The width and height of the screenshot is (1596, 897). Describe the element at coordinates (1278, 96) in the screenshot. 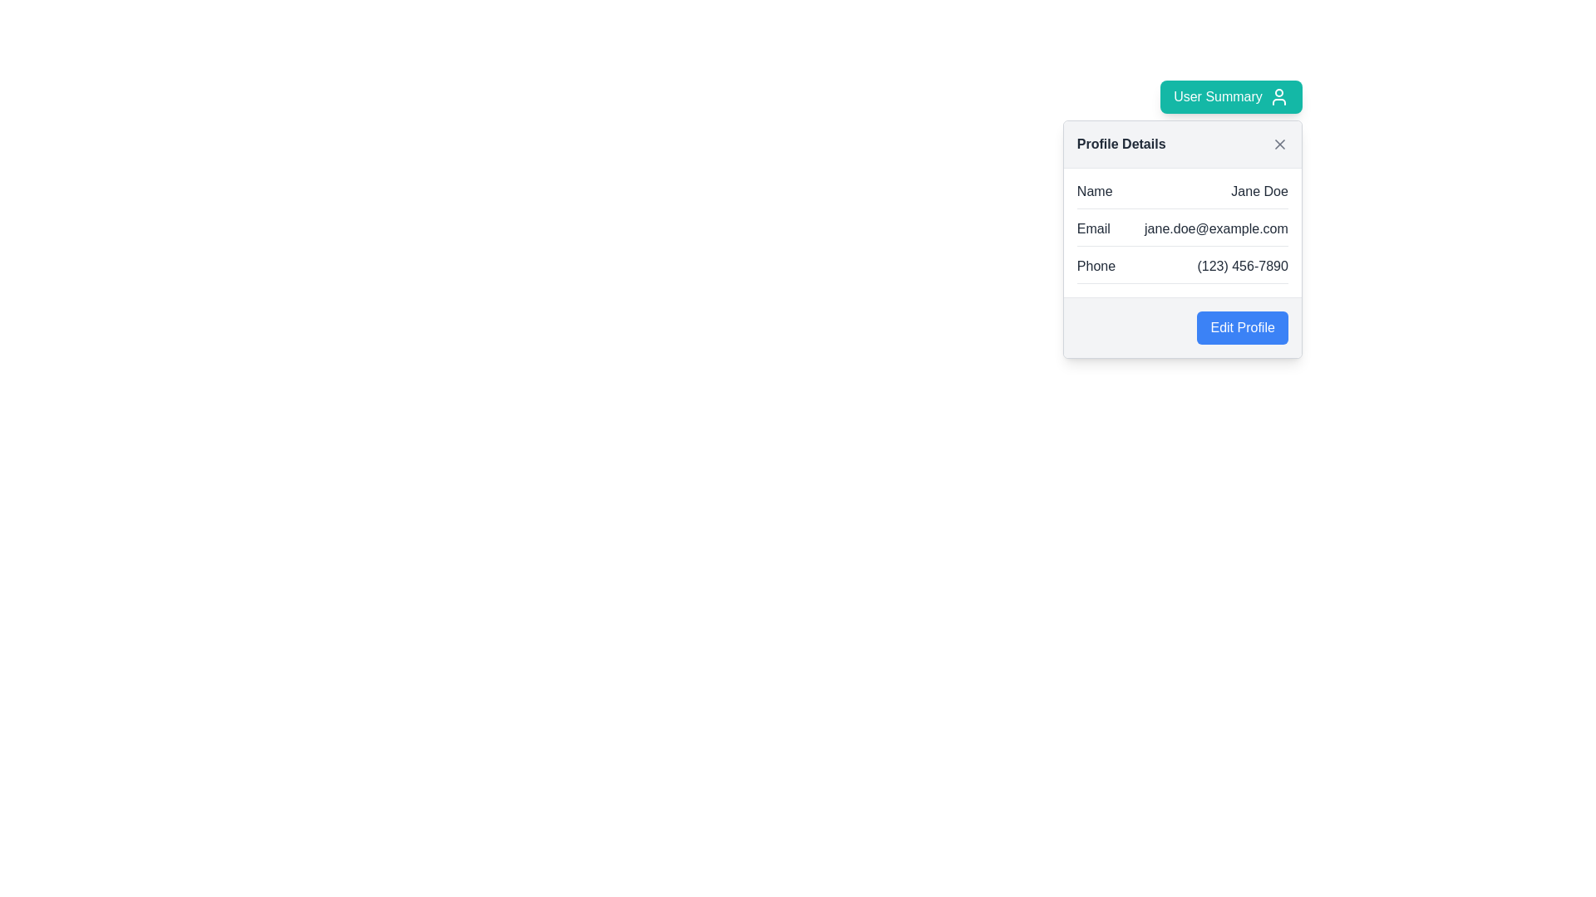

I see `the user silhouette icon located at the right end of the 'User Summary' button, which is styled with rounded lines against a teal background` at that location.